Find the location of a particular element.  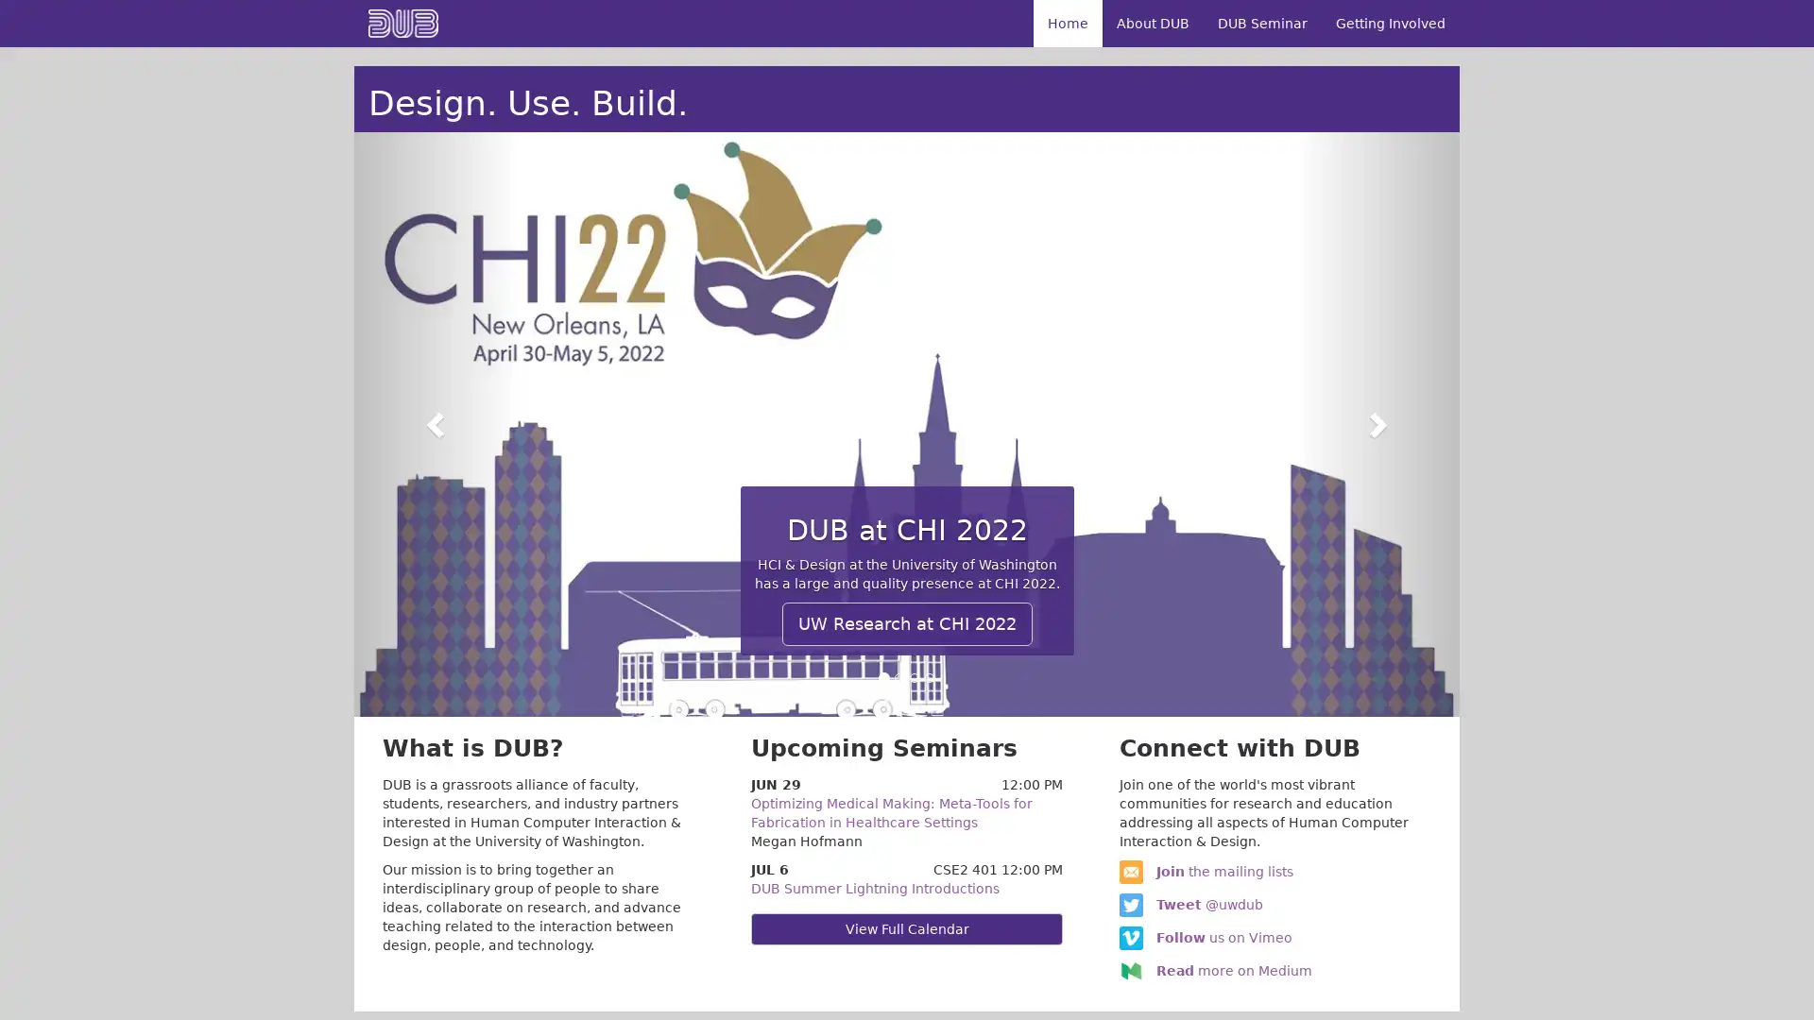

Previous is located at coordinates (436, 422).